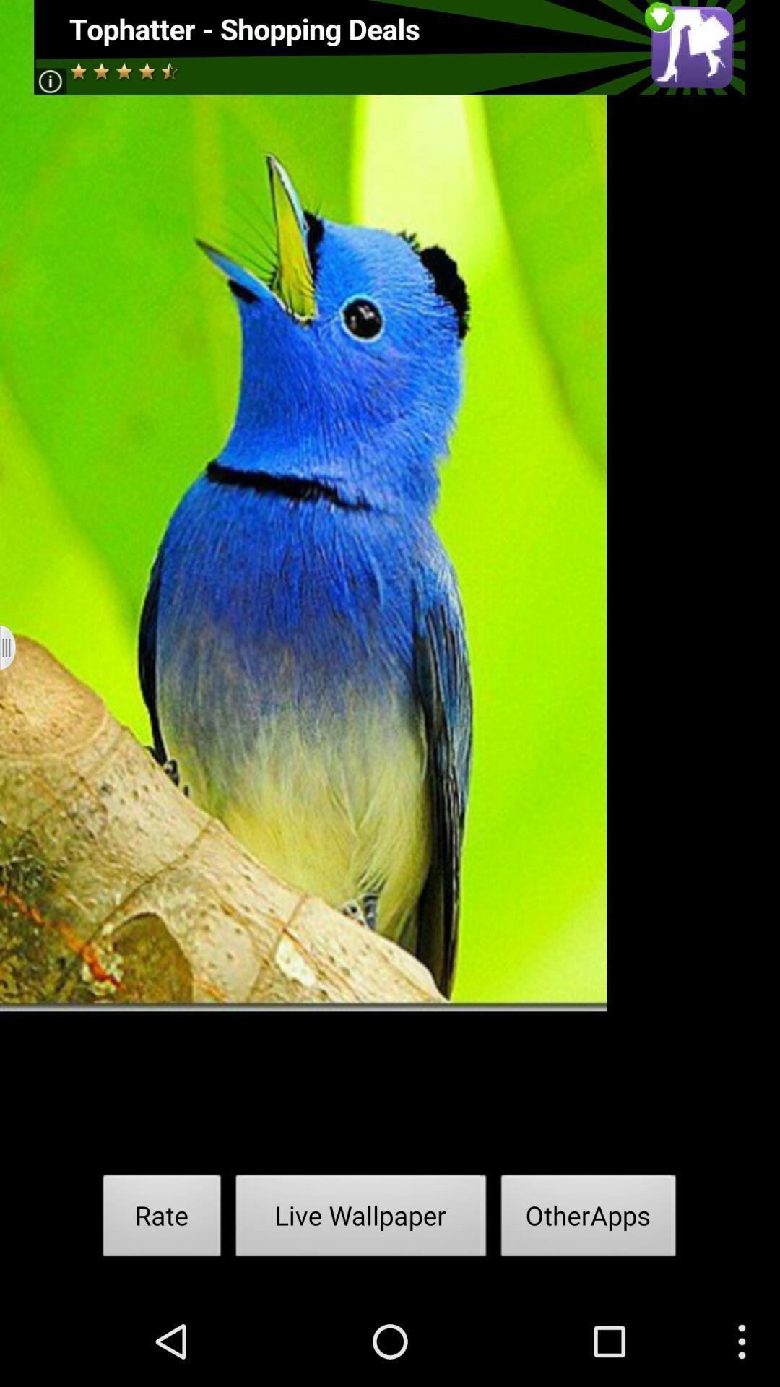 This screenshot has height=1387, width=780. I want to click on advatisment, so click(389, 47).